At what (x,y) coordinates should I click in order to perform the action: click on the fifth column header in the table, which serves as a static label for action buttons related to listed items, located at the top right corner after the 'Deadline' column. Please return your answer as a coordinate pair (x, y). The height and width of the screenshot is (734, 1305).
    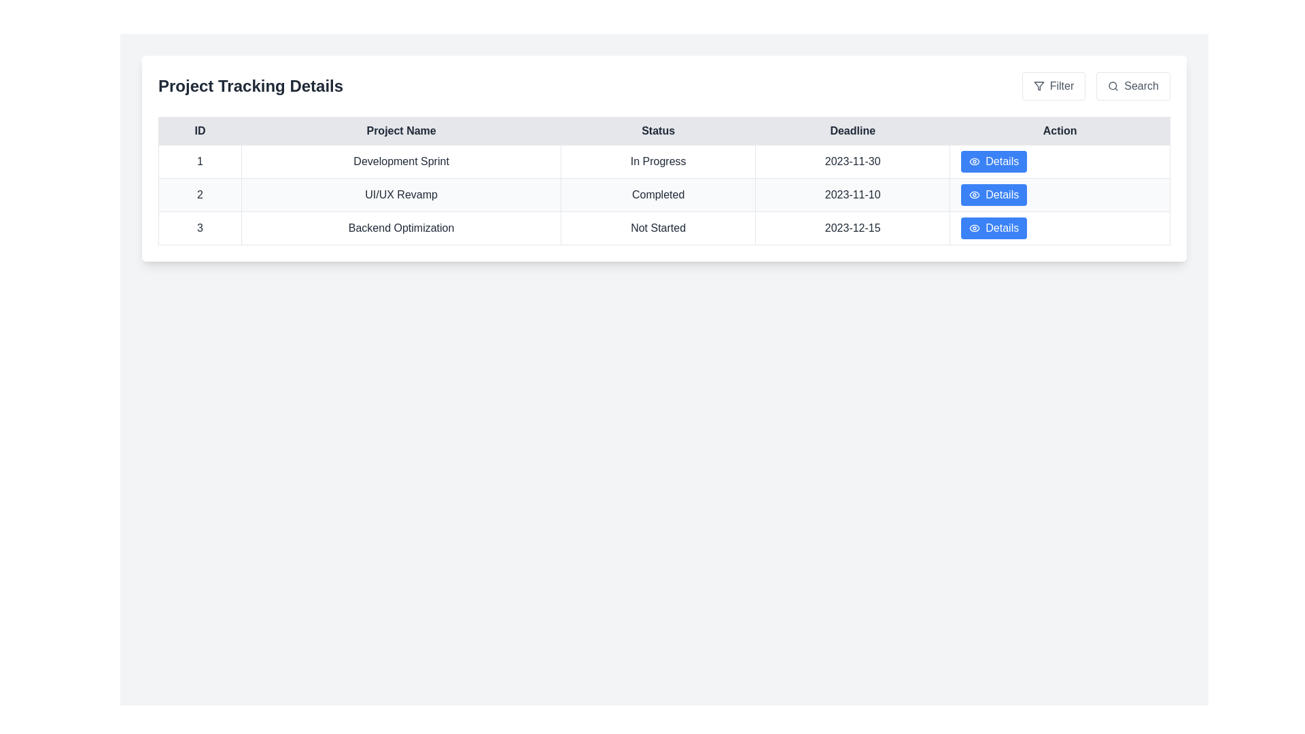
    Looking at the image, I should click on (1059, 130).